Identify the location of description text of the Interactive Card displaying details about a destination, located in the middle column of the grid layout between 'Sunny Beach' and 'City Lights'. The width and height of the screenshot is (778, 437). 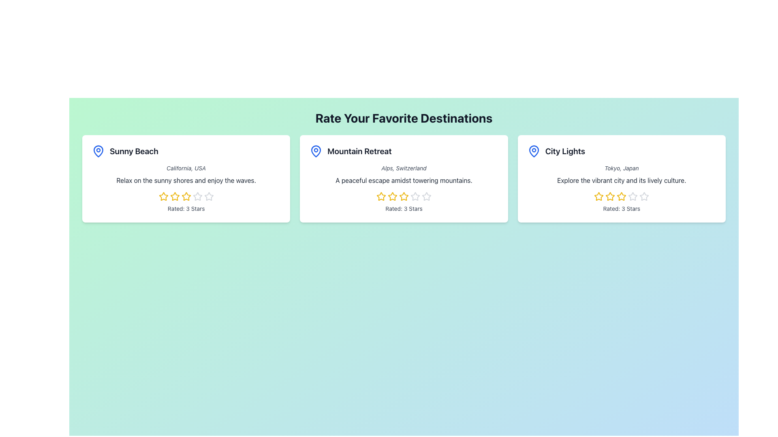
(404, 178).